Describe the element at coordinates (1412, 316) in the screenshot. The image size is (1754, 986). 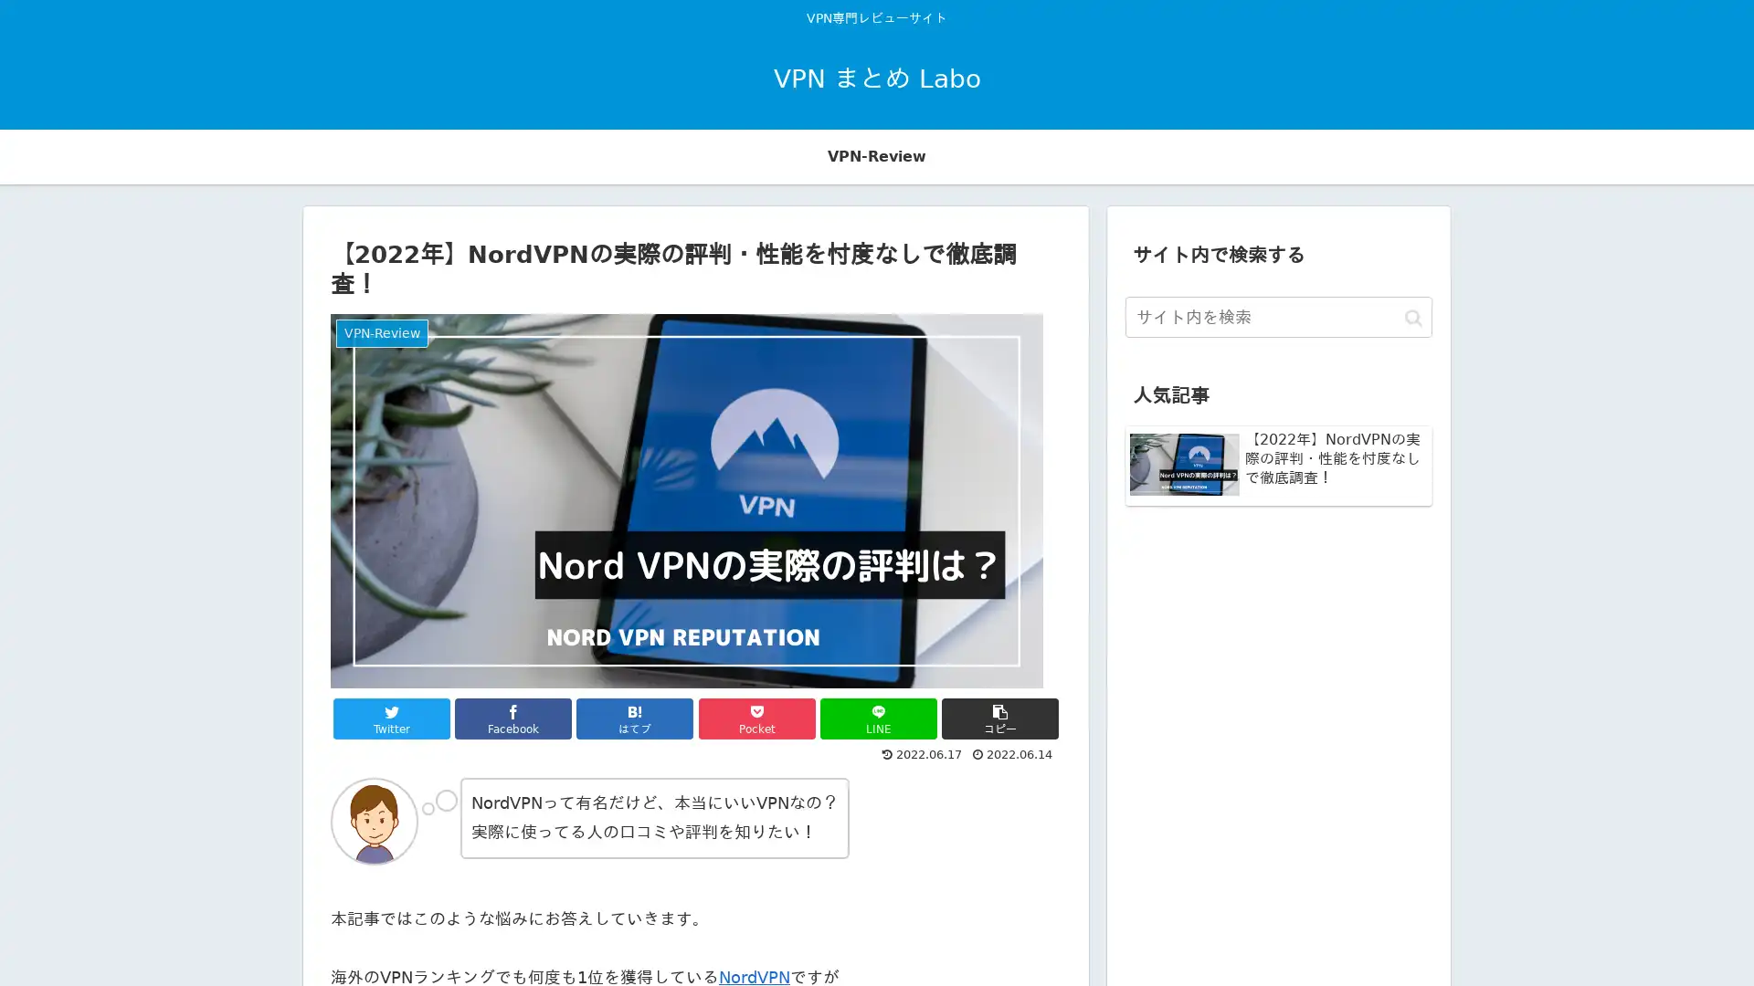
I see `button` at that location.